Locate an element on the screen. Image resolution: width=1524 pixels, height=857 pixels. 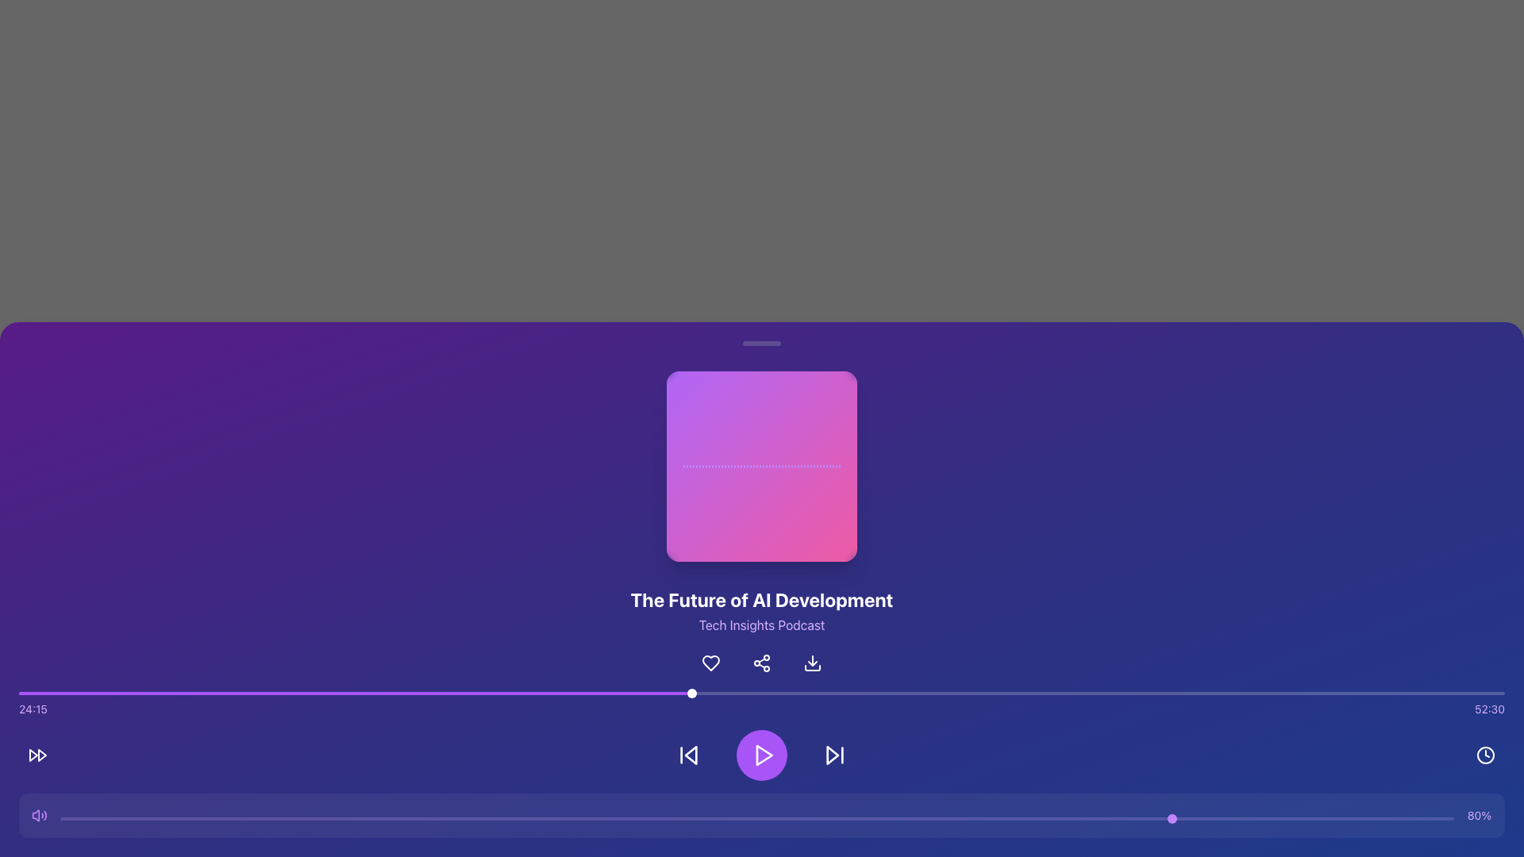
the purple speaker icon representing volume control, located at the leftmost side of the horizontal layout is located at coordinates (39, 816).